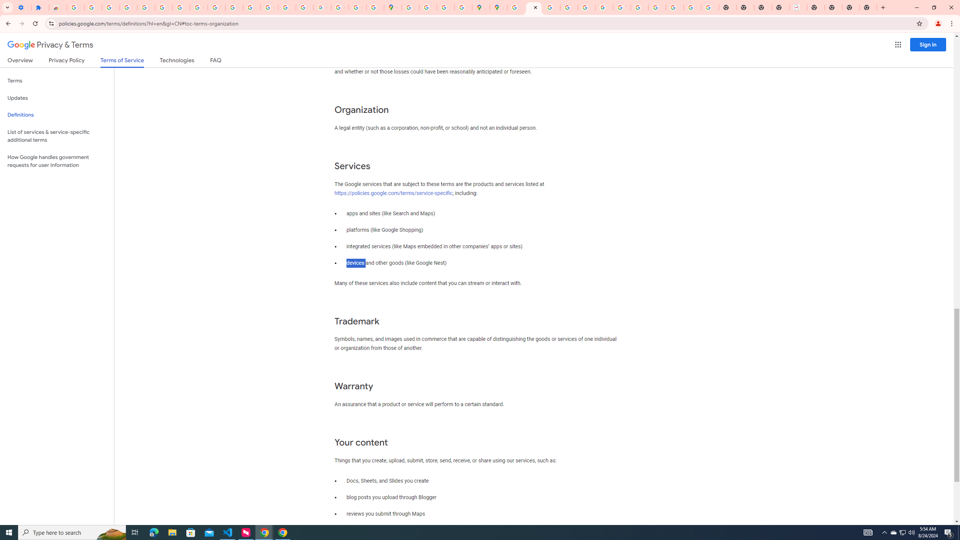 The width and height of the screenshot is (960, 540). Describe the element at coordinates (57, 160) in the screenshot. I see `'How Google handles government requests for user information'` at that location.